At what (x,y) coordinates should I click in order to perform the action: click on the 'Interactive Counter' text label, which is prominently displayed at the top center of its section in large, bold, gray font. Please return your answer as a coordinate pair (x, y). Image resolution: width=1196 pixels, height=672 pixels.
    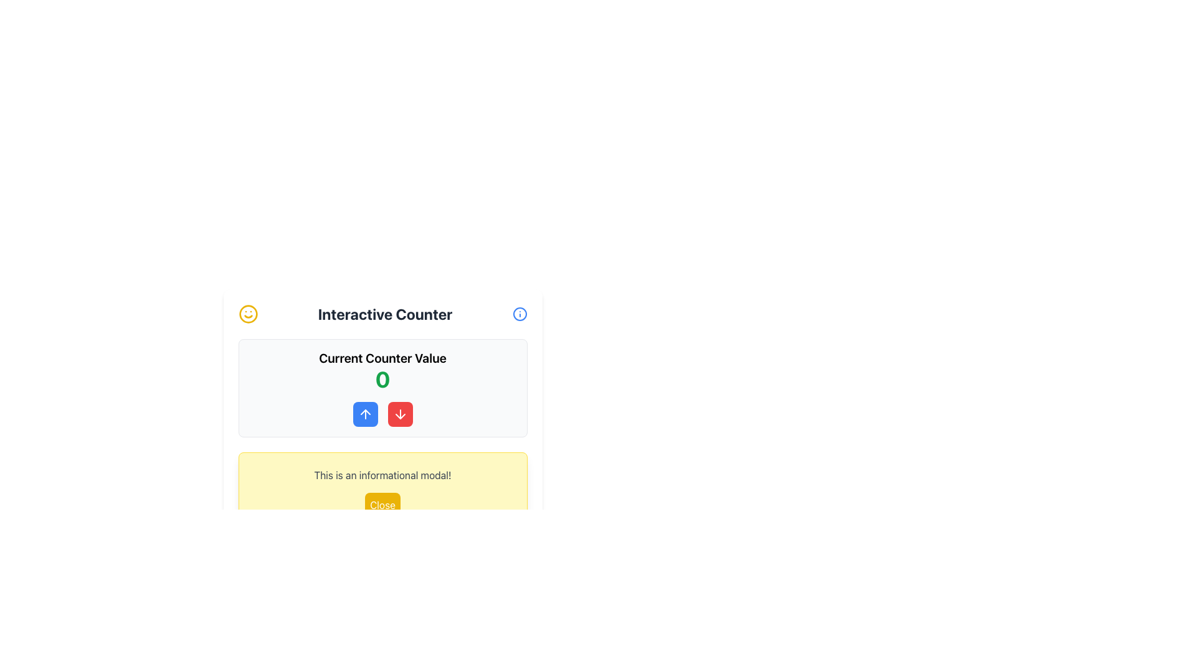
    Looking at the image, I should click on (384, 314).